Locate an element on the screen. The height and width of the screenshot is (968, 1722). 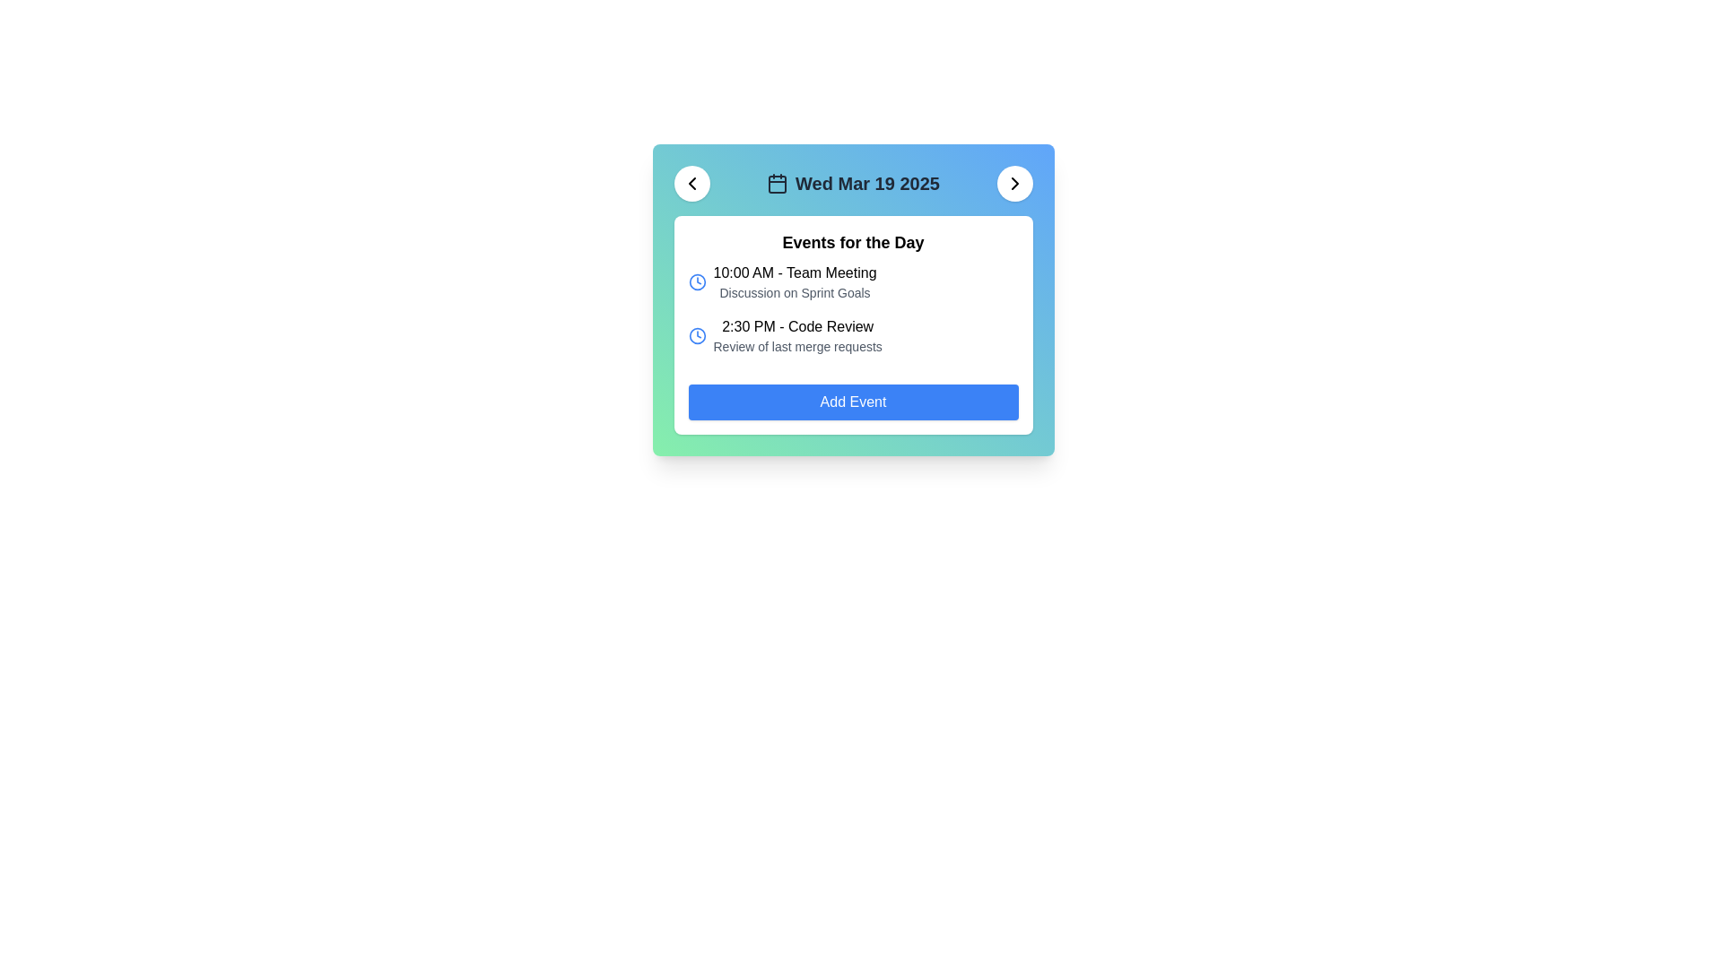
the decorative graphical element of the calendar icon, which is located to the left of the date label 'Wed Mar 19 2025' in the widget's header is located at coordinates (778, 184).